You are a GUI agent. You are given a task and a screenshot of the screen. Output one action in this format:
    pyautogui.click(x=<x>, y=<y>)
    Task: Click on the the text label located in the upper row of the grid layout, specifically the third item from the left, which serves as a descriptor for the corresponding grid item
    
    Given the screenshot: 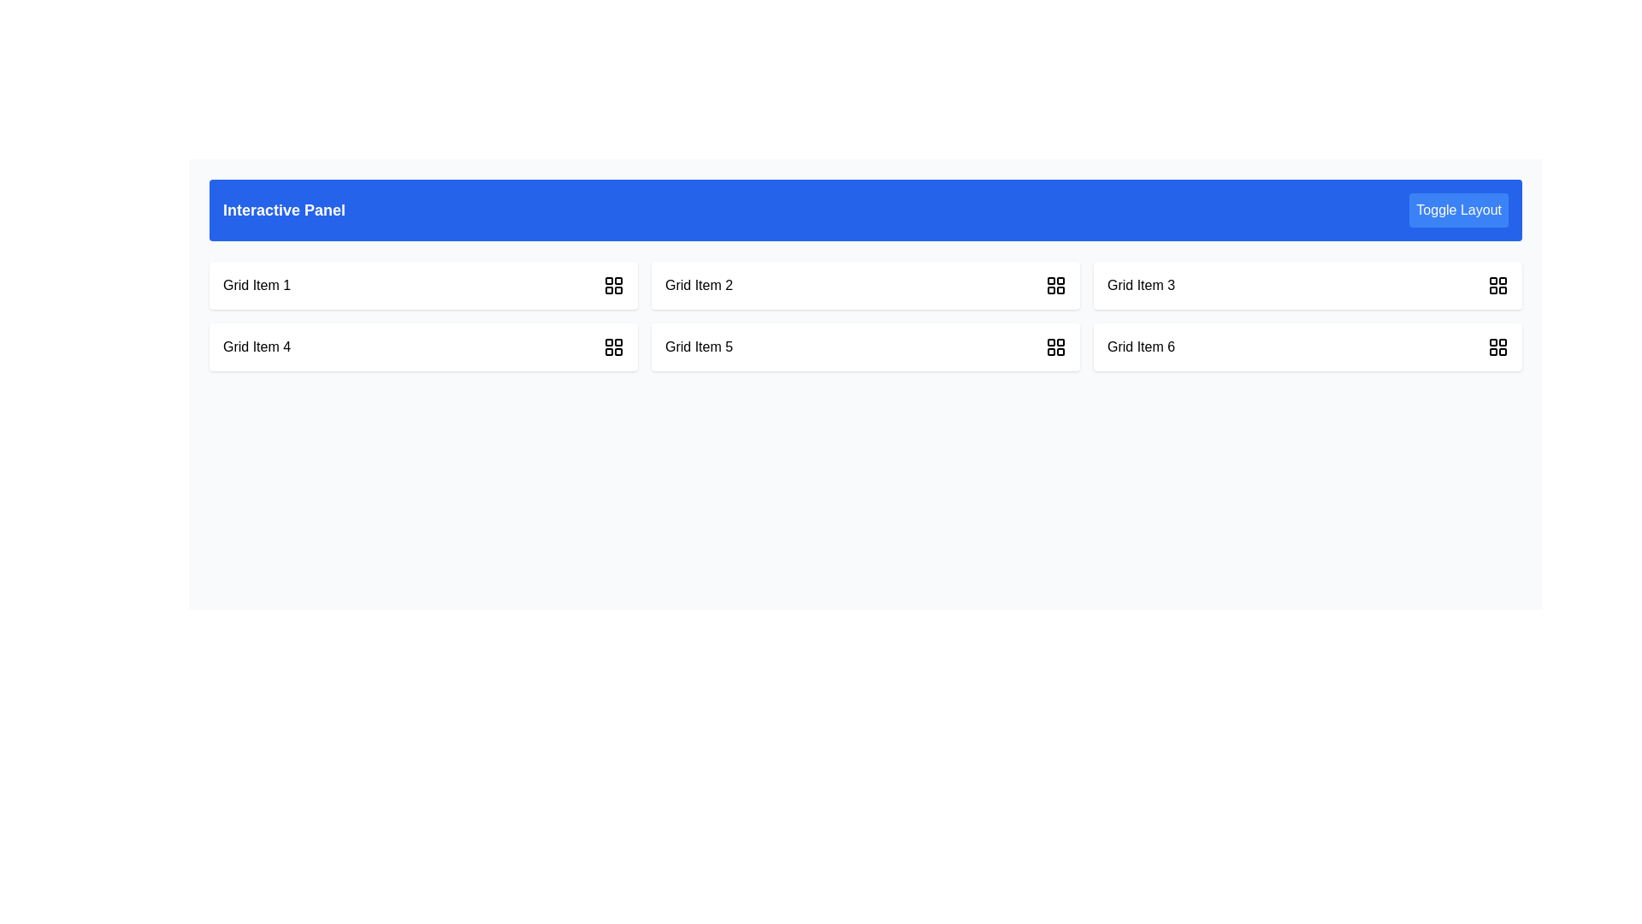 What is the action you would take?
    pyautogui.click(x=1141, y=285)
    